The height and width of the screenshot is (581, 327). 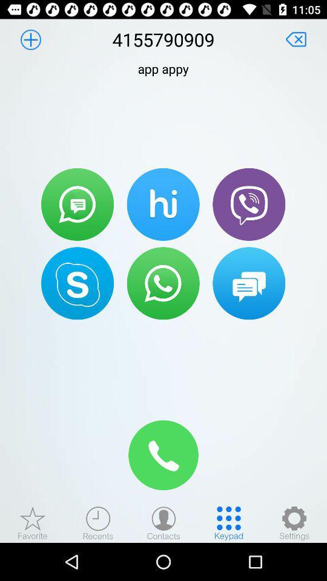 I want to click on open hi, so click(x=163, y=204).